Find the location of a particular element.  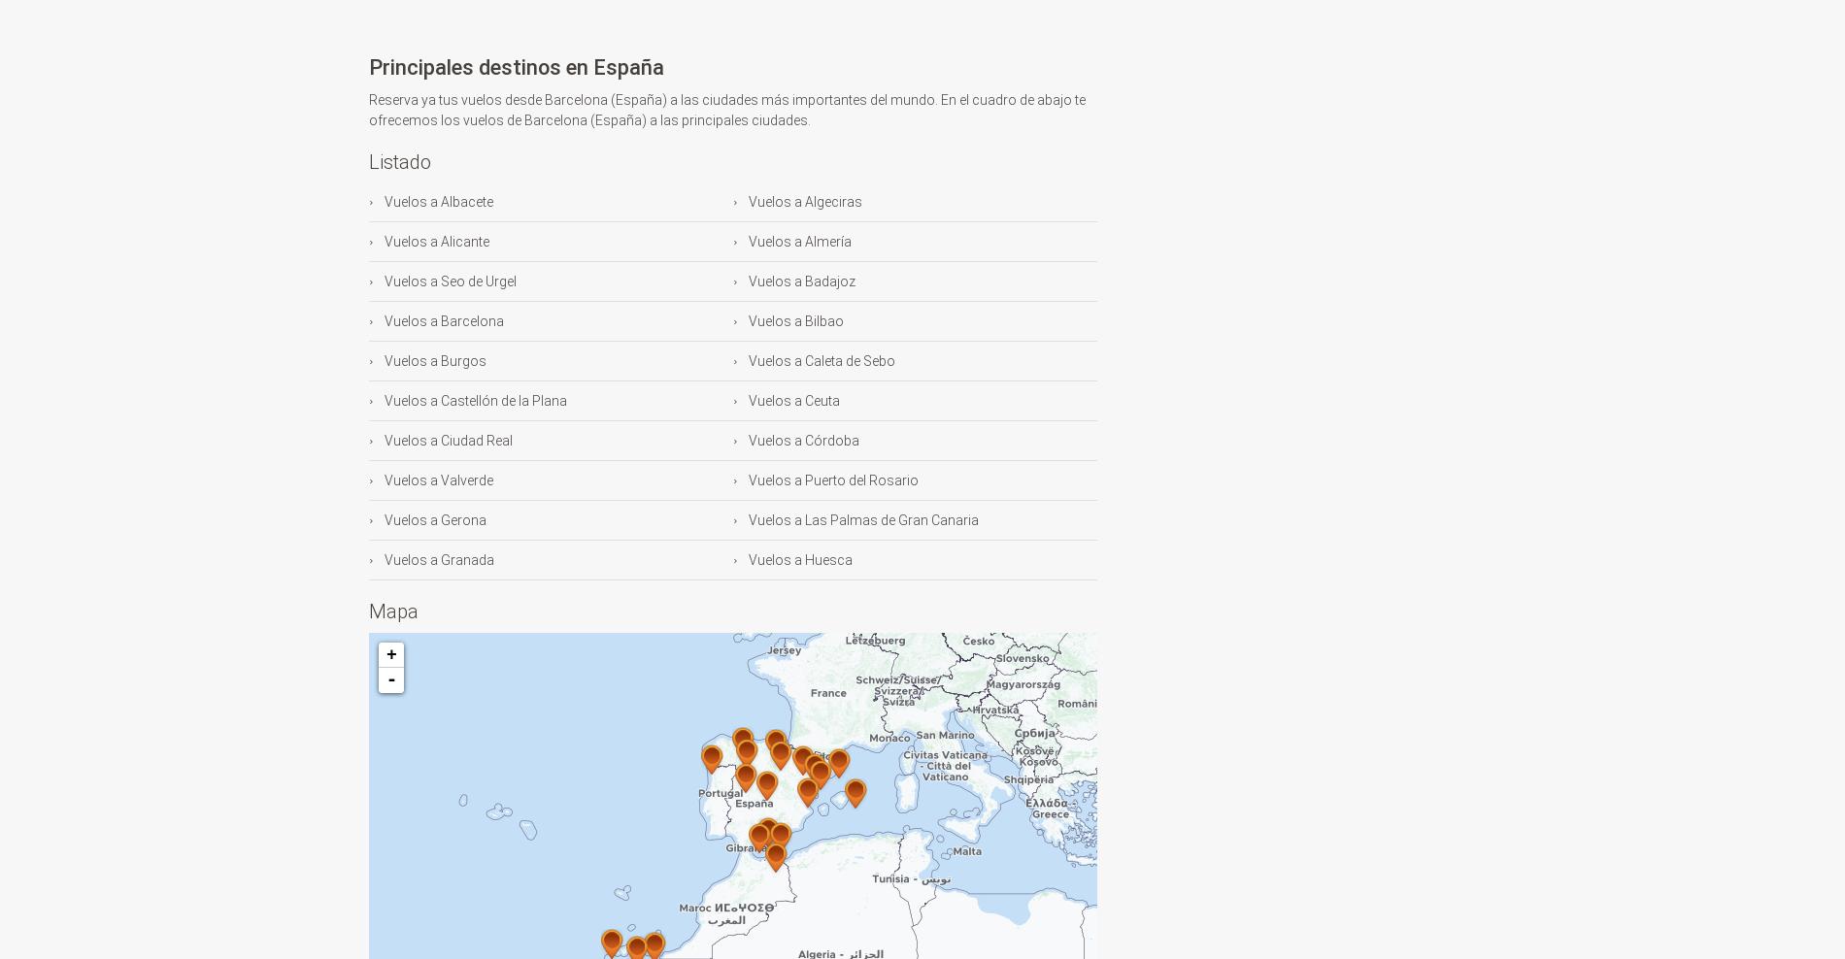

'Vuelos a Córdoba' is located at coordinates (801, 440).